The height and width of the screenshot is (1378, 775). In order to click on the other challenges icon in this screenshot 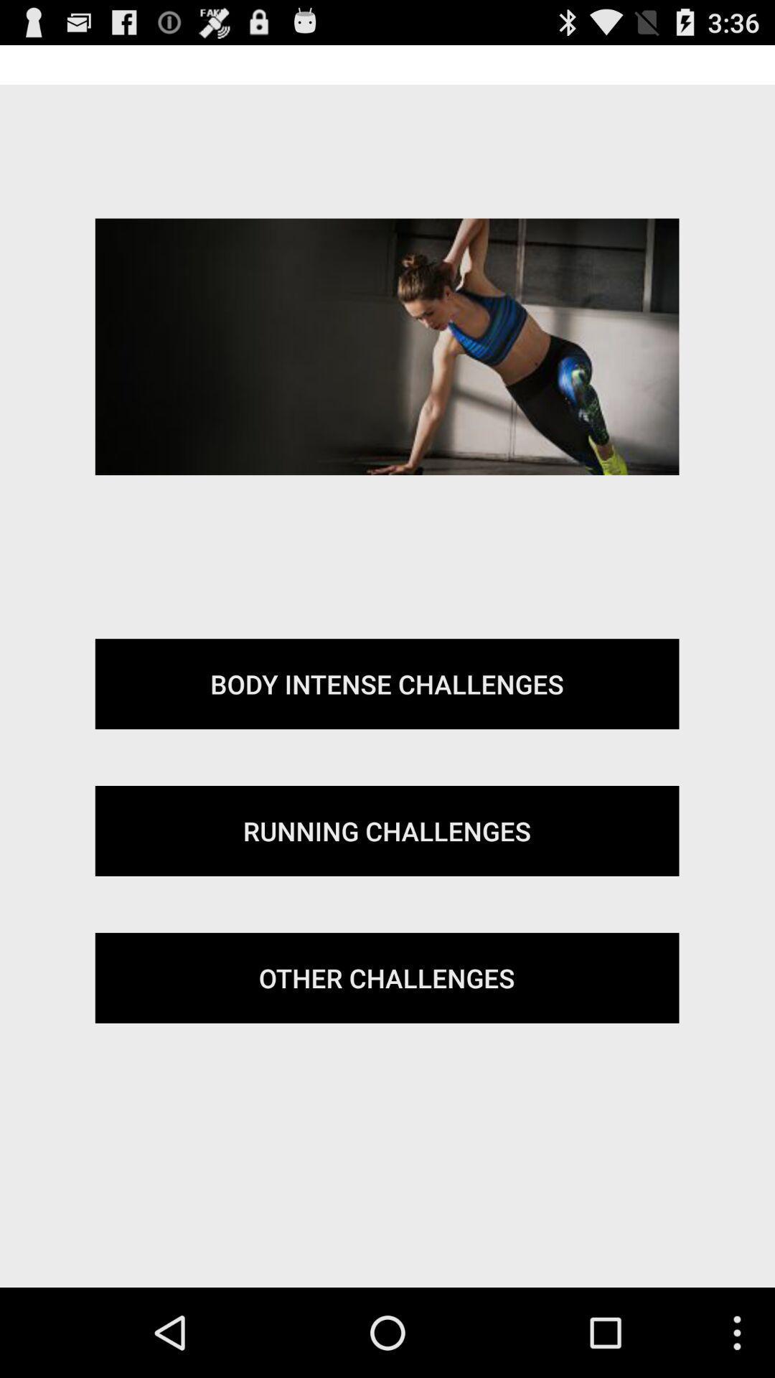, I will do `click(386, 977)`.